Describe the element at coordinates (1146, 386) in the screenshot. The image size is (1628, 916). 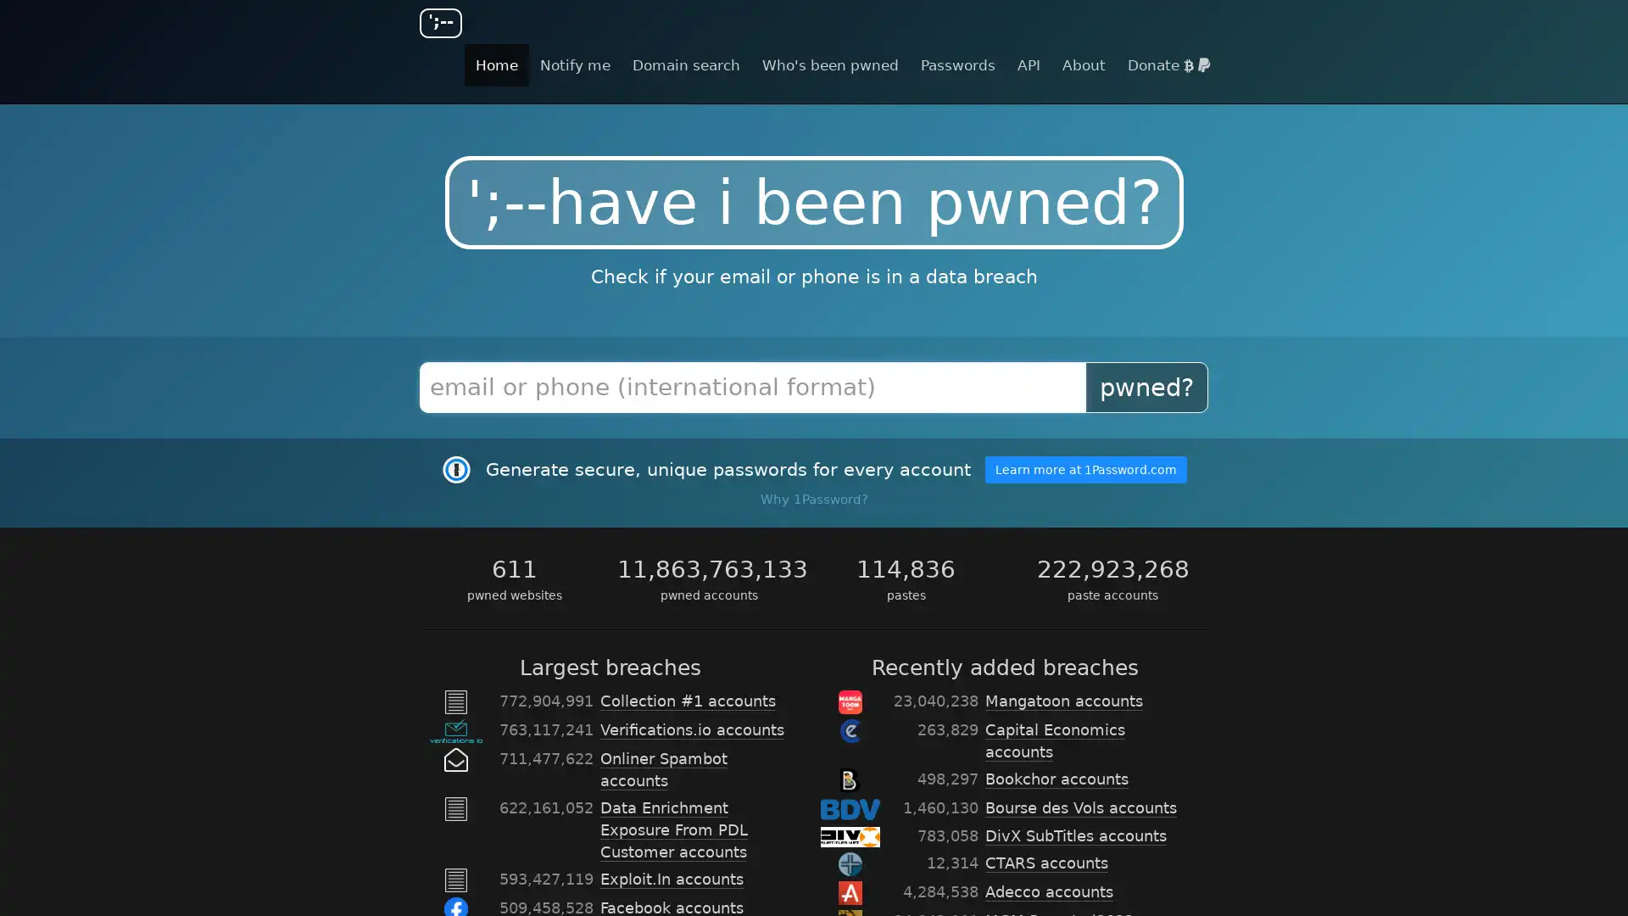
I see `pwned?` at that location.